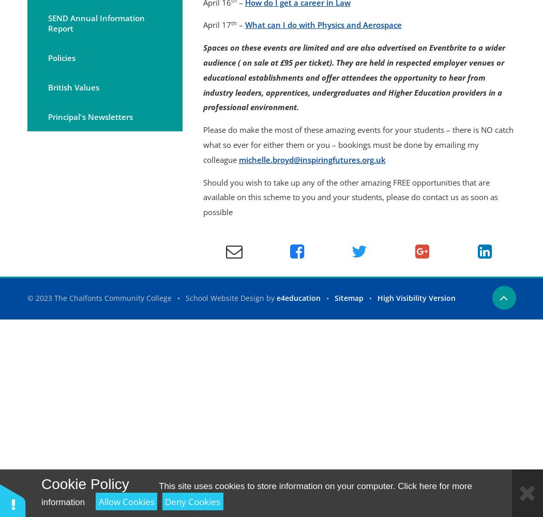 Image resolution: width=543 pixels, height=517 pixels. Describe the element at coordinates (276, 297) in the screenshot. I see `'e4education'` at that location.